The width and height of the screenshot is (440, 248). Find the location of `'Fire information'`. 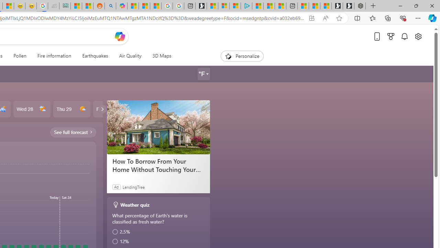

'Fire information' is located at coordinates (54, 56).